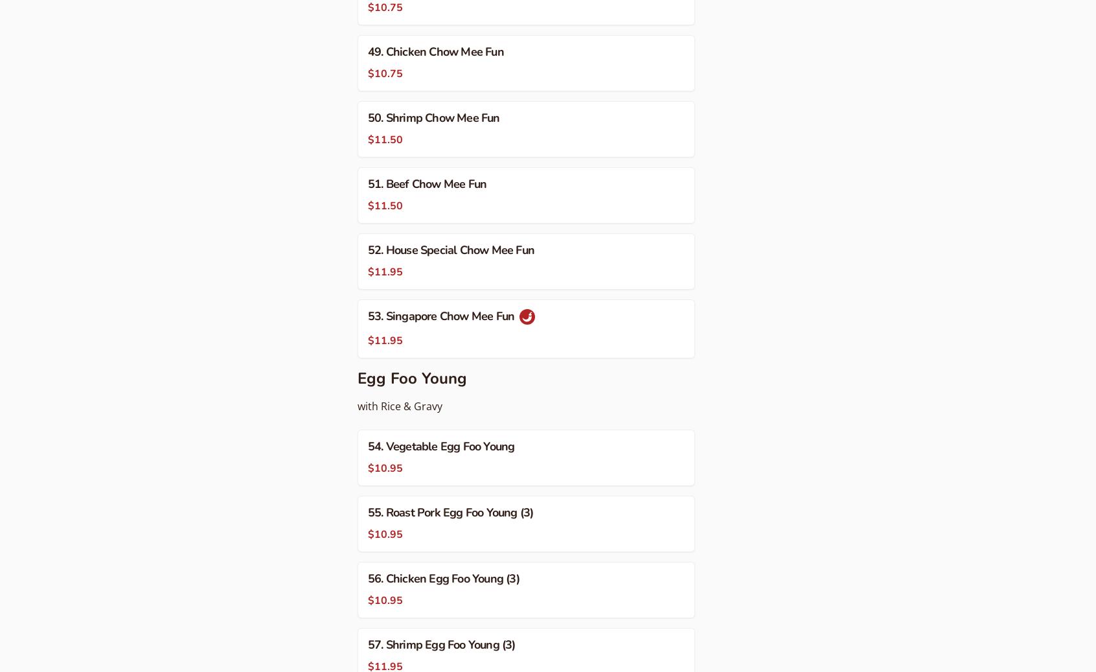 Image resolution: width=1096 pixels, height=672 pixels. Describe the element at coordinates (427, 183) in the screenshot. I see `'51. Beef Chow Mee Fun'` at that location.